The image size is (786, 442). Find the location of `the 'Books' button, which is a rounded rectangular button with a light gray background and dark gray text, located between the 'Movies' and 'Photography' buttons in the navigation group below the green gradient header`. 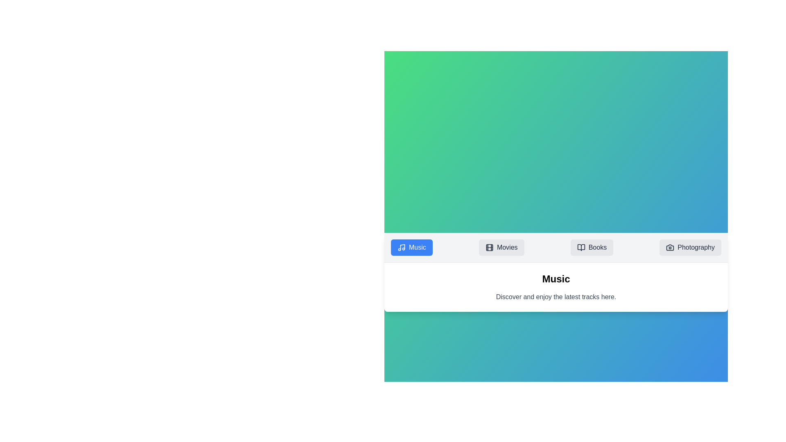

the 'Books' button, which is a rounded rectangular button with a light gray background and dark gray text, located between the 'Movies' and 'Photography' buttons in the navigation group below the green gradient header is located at coordinates (592, 247).